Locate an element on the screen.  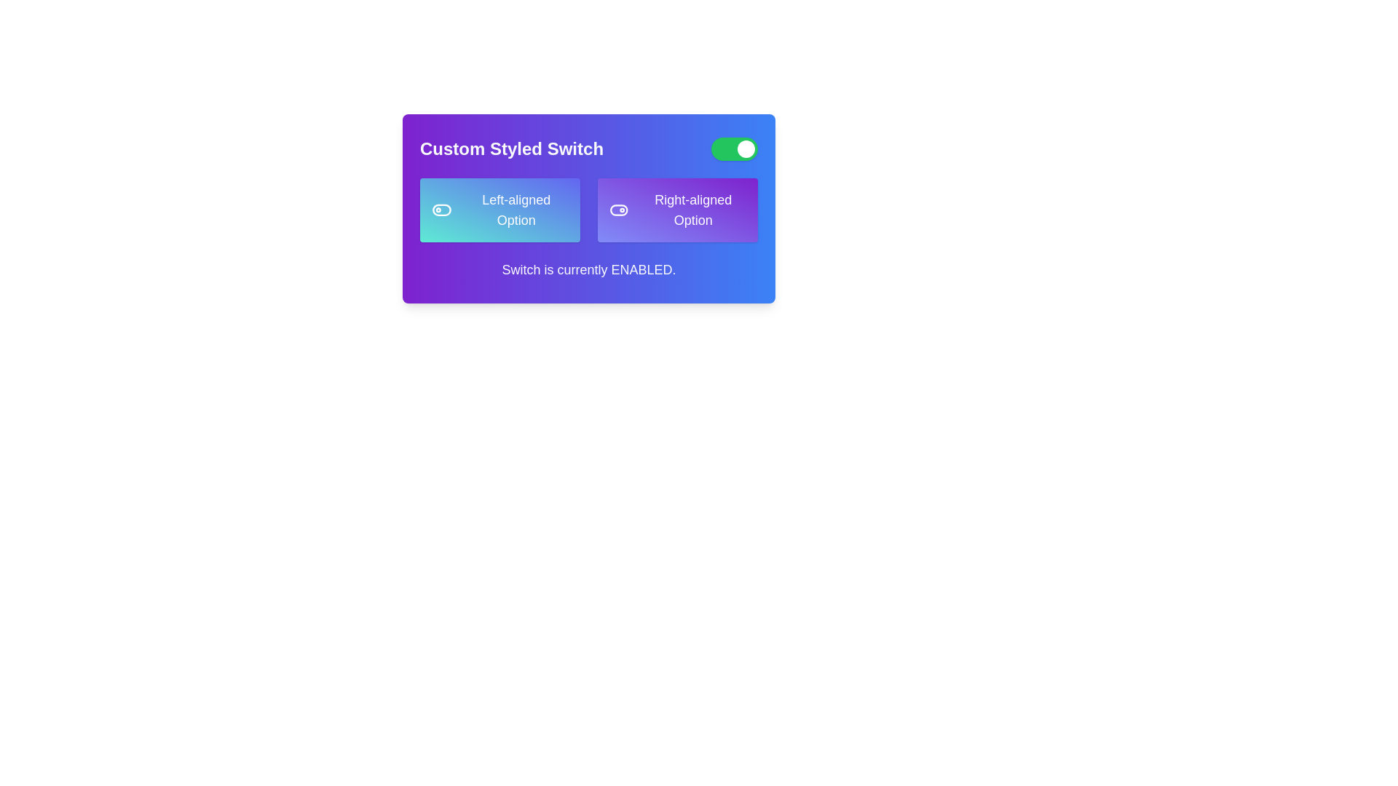
the Toggle indicator is located at coordinates (618, 210).